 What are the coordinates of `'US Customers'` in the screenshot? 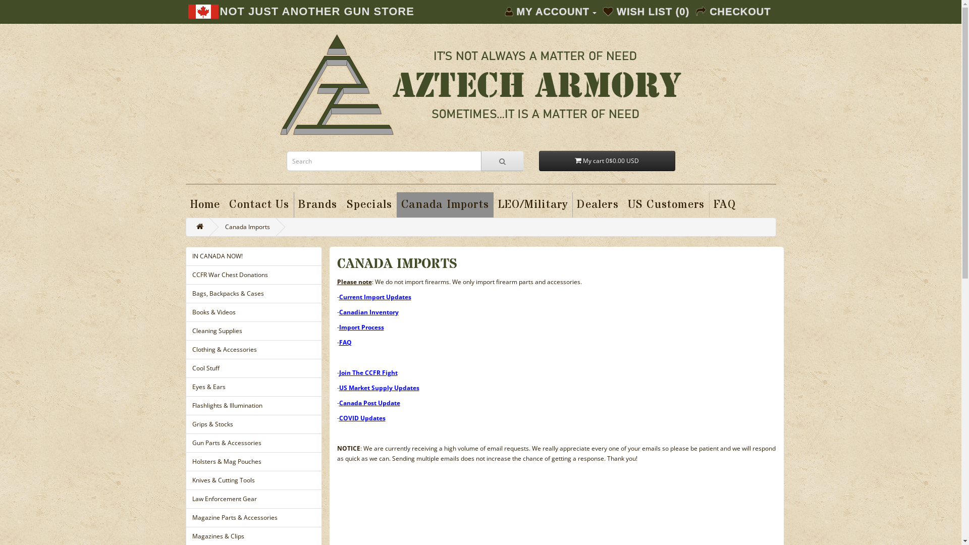 It's located at (666, 204).